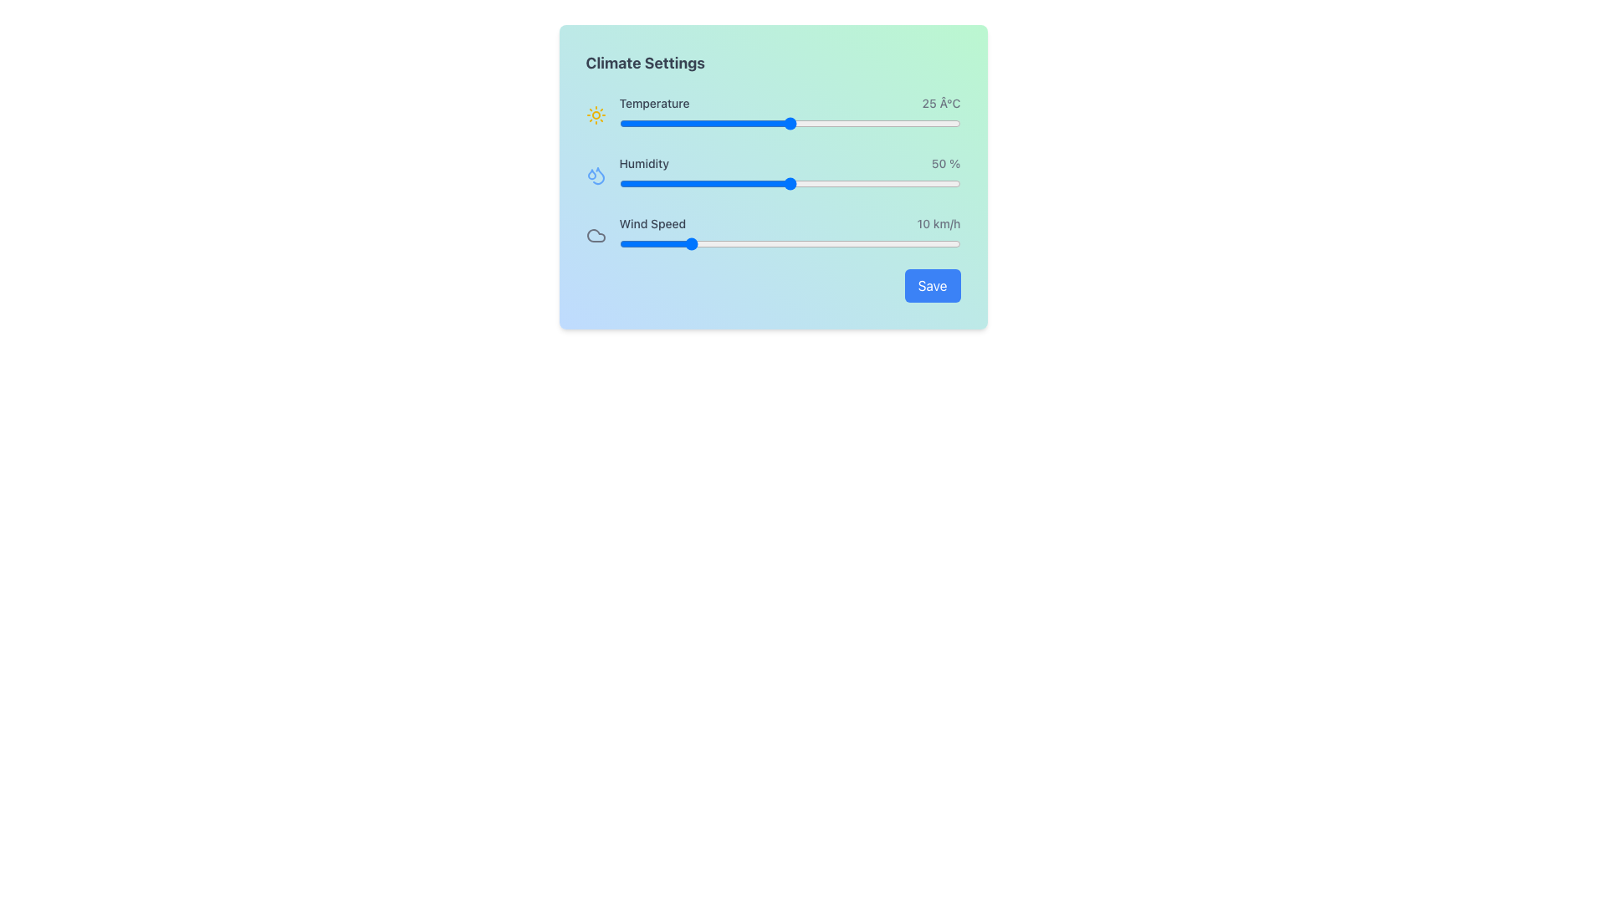 Image resolution: width=1606 pixels, height=903 pixels. I want to click on the humidity icon located to the left of the 'Humidity' text in the climate settings interface, so click(596, 175).